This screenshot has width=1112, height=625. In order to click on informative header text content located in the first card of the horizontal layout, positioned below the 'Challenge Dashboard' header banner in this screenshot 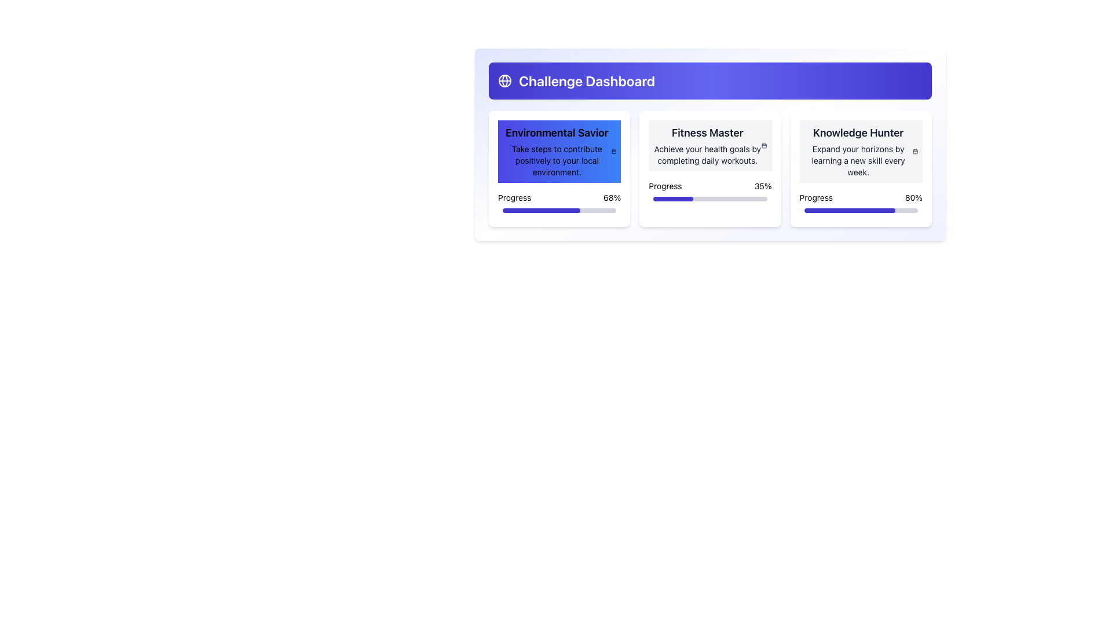, I will do `click(557, 151)`.